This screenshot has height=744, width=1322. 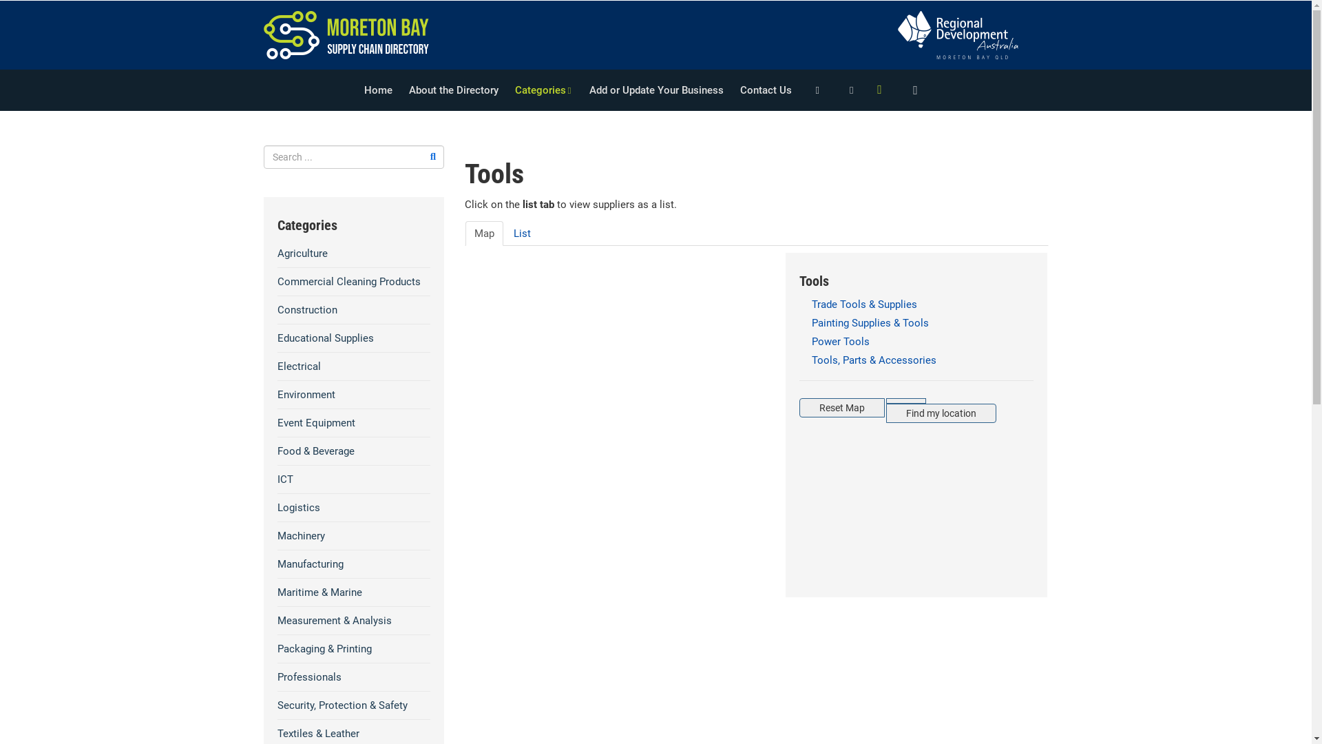 I want to click on 'Manufacturing', so click(x=353, y=564).